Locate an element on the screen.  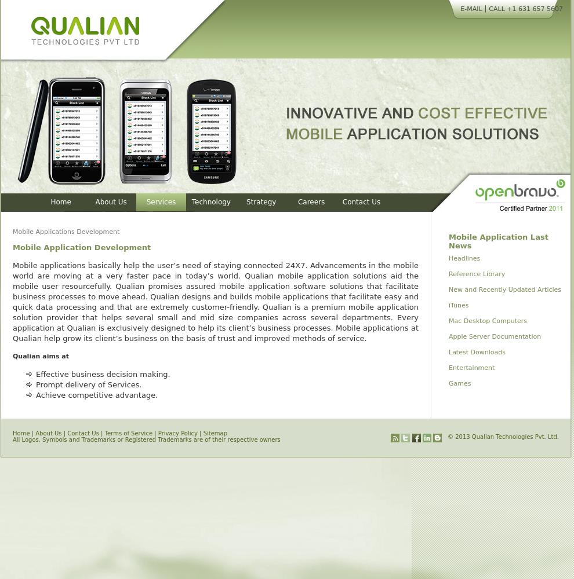
'Sitemap' is located at coordinates (202, 433).